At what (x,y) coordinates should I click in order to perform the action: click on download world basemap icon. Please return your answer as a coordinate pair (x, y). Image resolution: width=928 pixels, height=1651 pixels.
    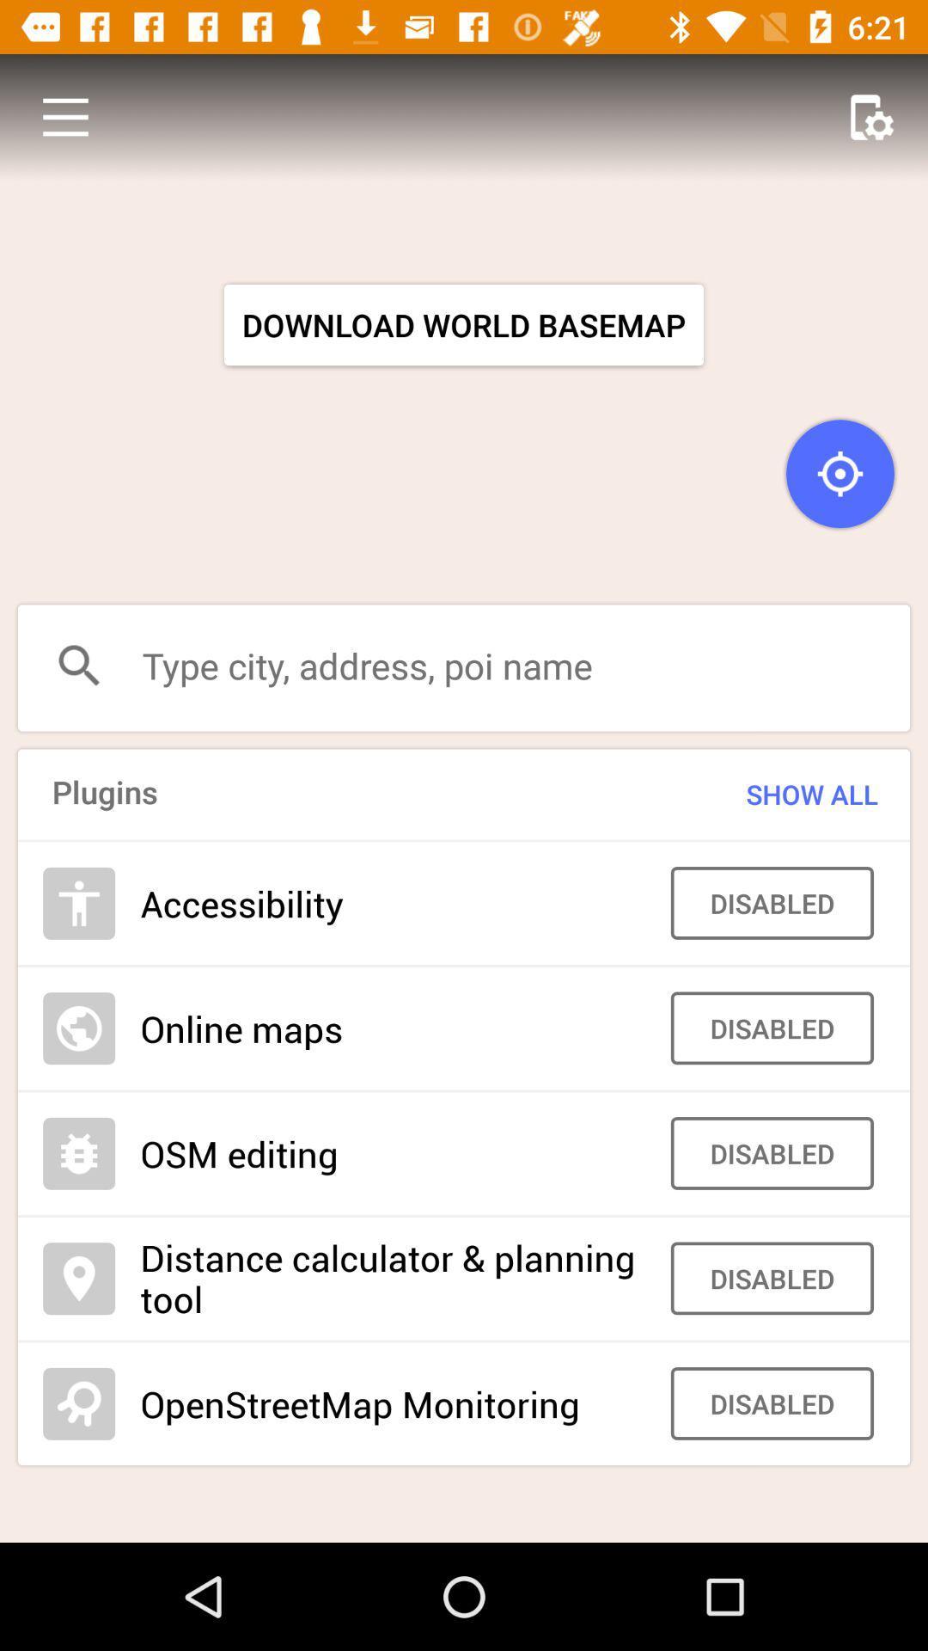
    Looking at the image, I should click on (464, 325).